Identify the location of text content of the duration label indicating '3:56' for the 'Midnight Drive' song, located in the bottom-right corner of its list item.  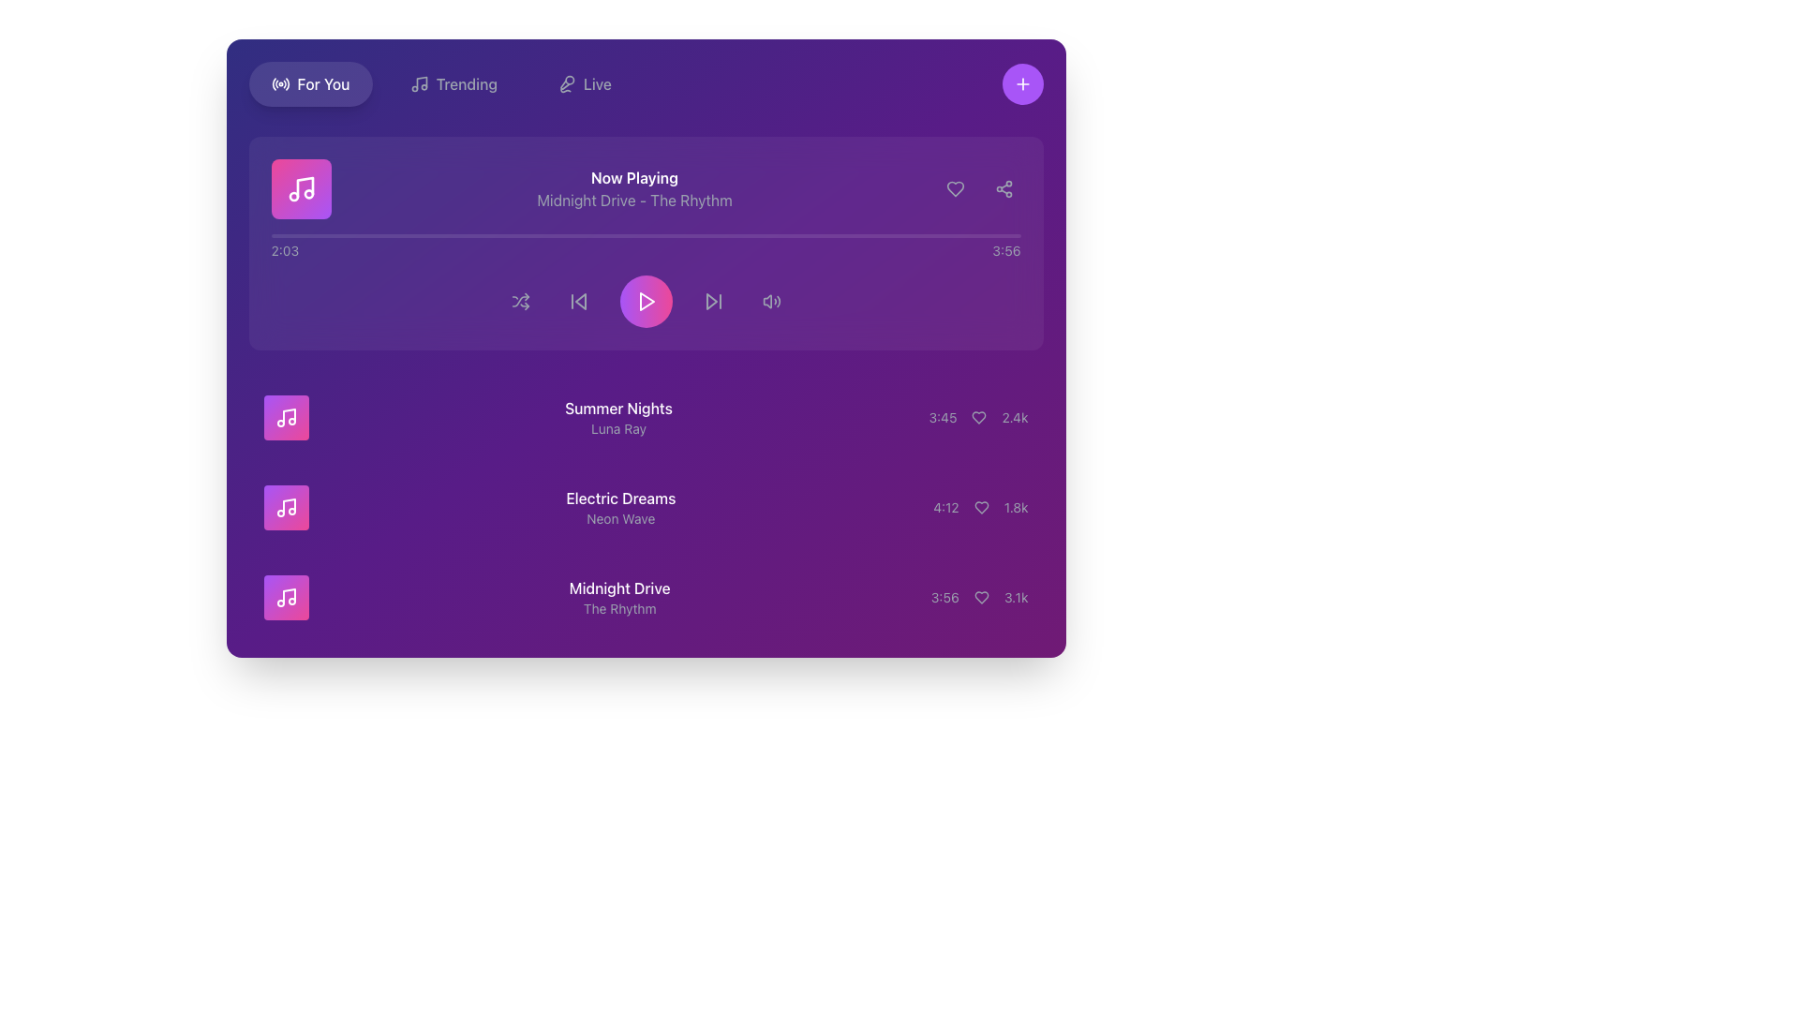
(944, 597).